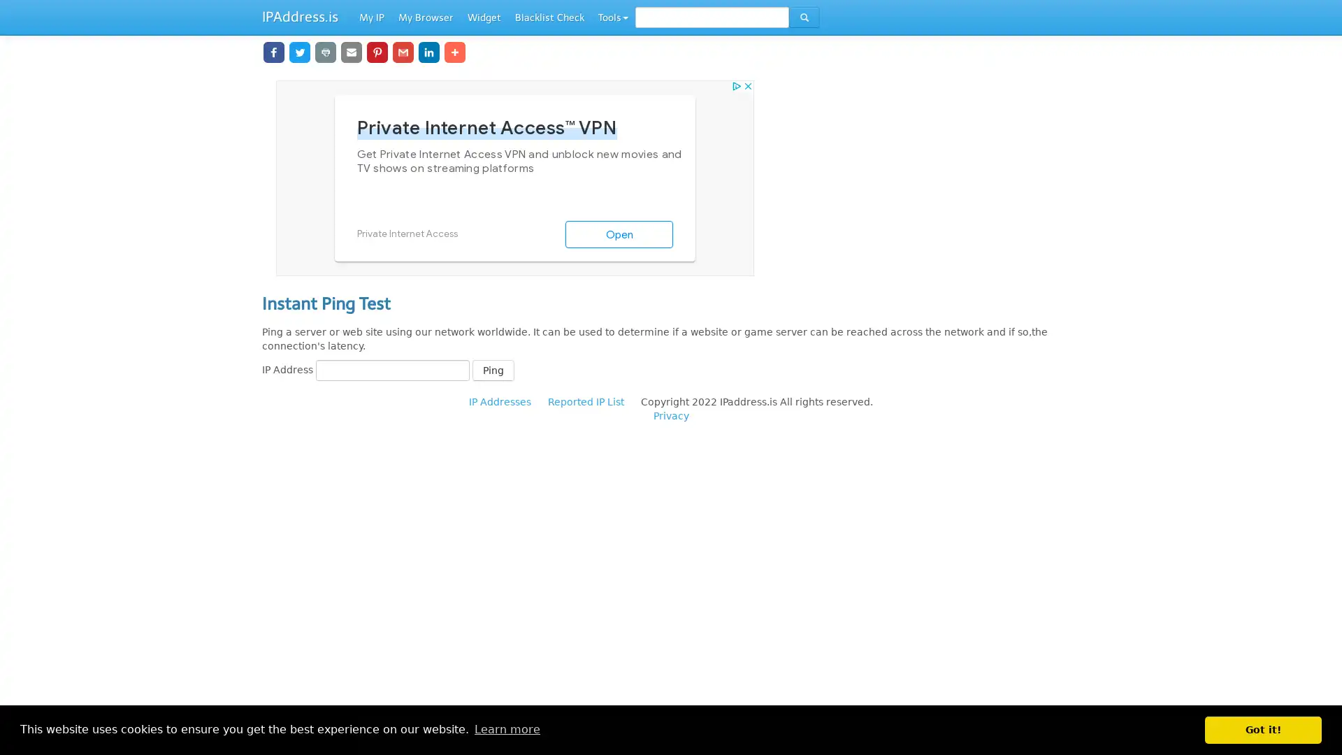 The width and height of the screenshot is (1342, 755). What do you see at coordinates (274, 51) in the screenshot?
I see `Share to Facebook` at bounding box center [274, 51].